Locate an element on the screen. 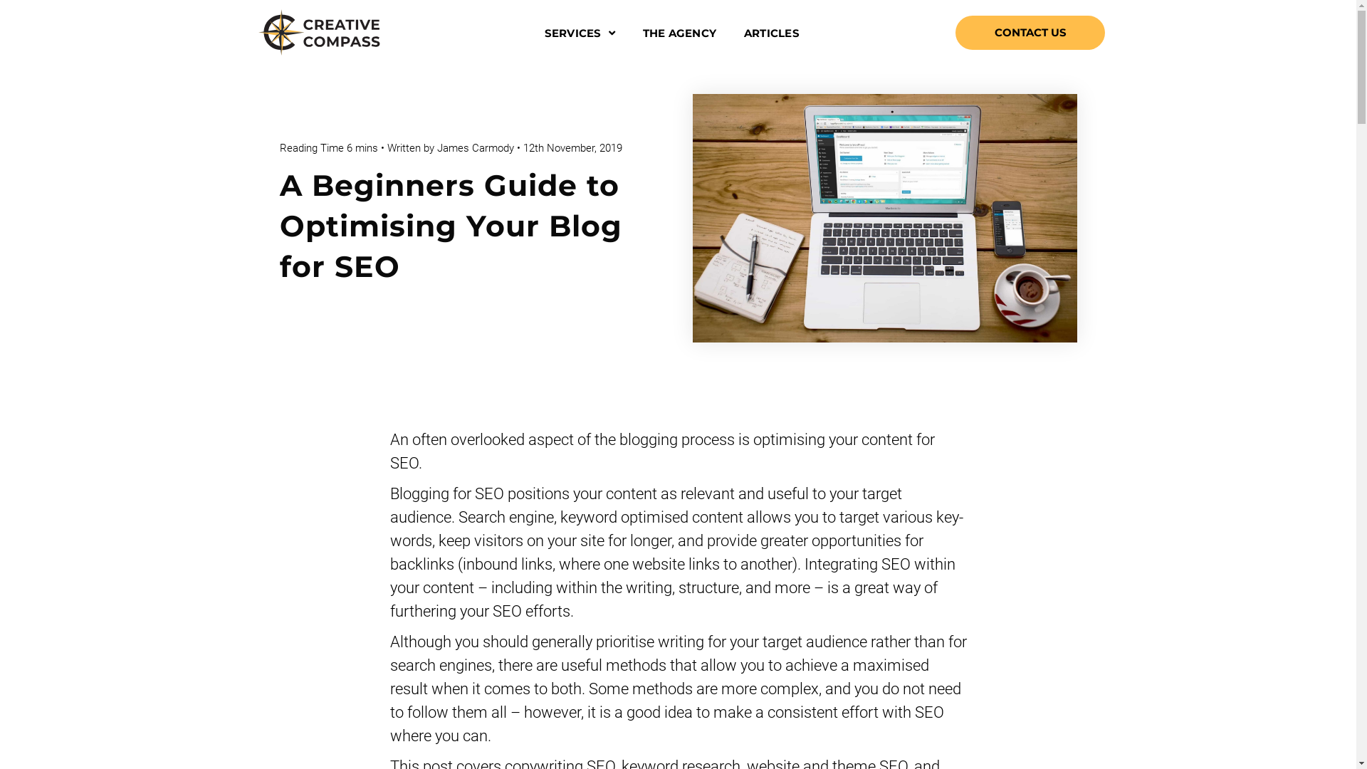 The width and height of the screenshot is (1367, 769). 'ARTICLES' is located at coordinates (770, 32).